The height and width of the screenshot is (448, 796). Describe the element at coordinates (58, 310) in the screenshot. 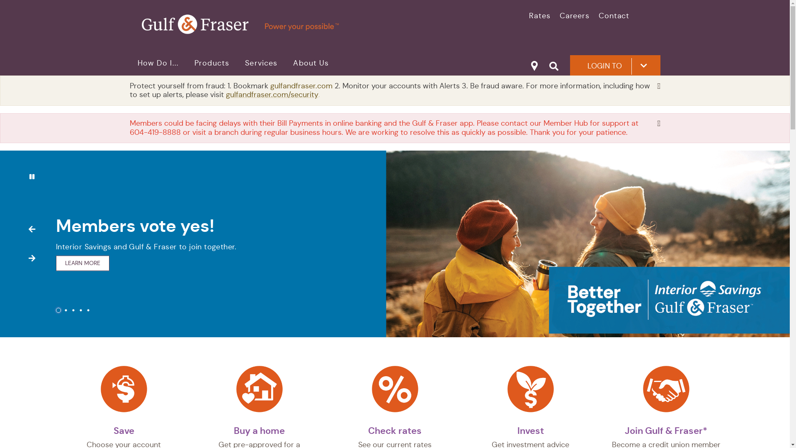

I see `'1'` at that location.